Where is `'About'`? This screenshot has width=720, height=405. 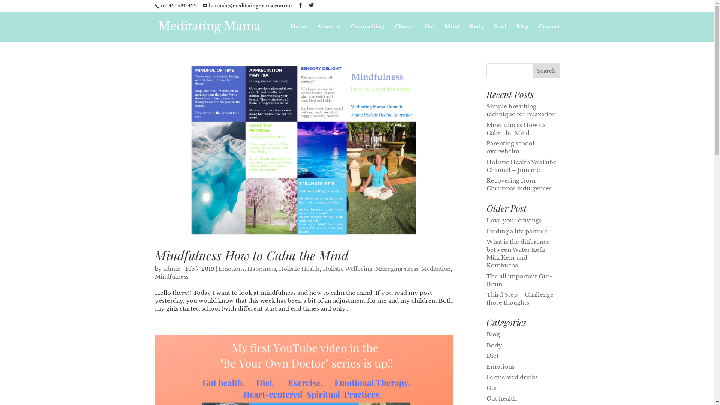
'About' is located at coordinates (329, 32).